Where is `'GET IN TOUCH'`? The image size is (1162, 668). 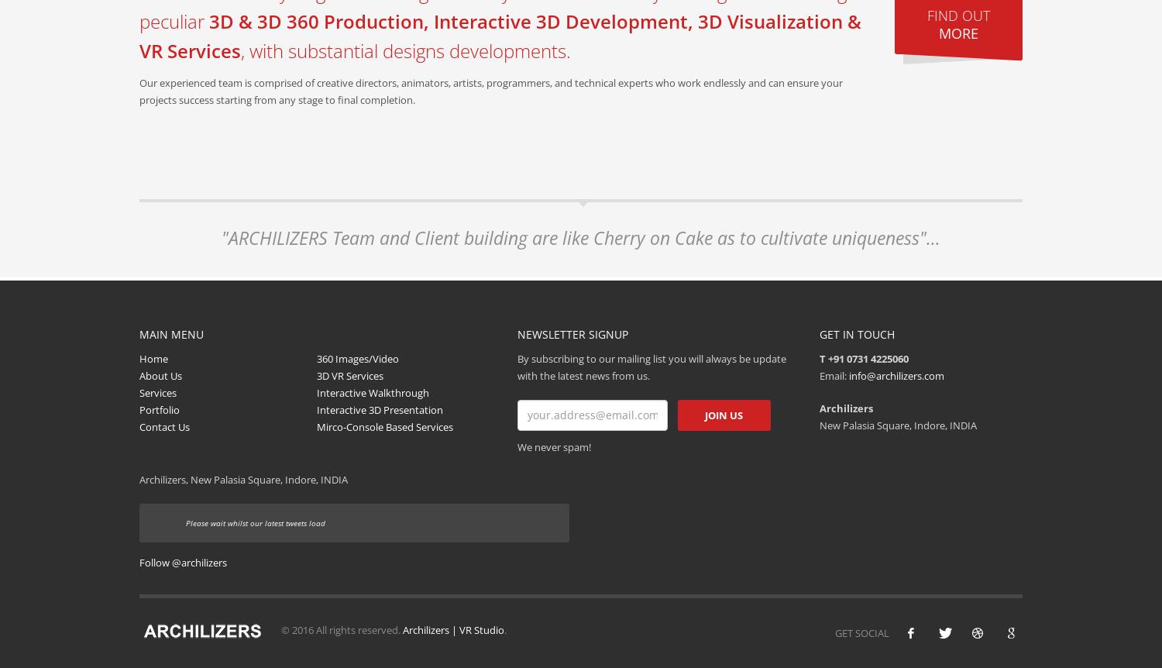 'GET IN TOUCH' is located at coordinates (819, 334).